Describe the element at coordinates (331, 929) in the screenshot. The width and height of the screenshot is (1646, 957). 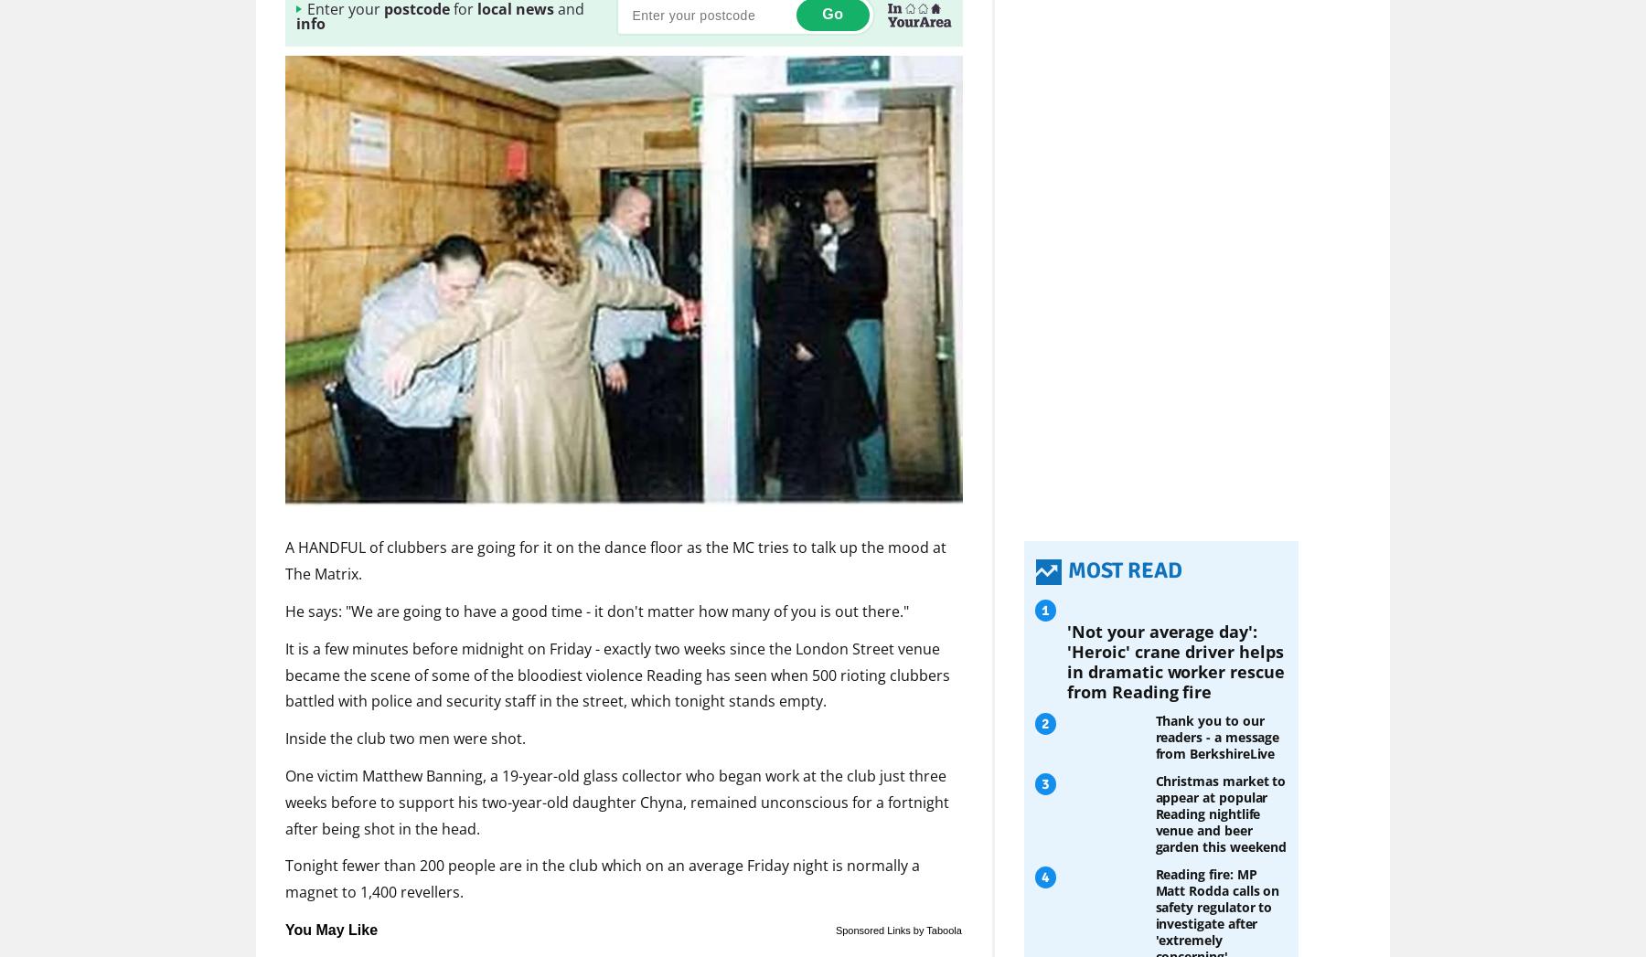
I see `'You May Like'` at that location.